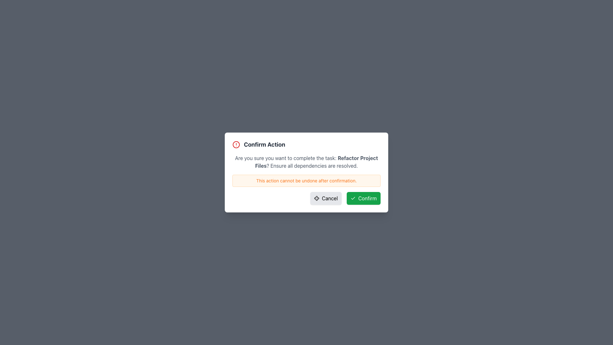  Describe the element at coordinates (264, 144) in the screenshot. I see `the bold, large-sized text element displaying the label 'Confirm Action', which is aligned to the right of a red circular alert icon in the top-left section of a dialog box` at that location.